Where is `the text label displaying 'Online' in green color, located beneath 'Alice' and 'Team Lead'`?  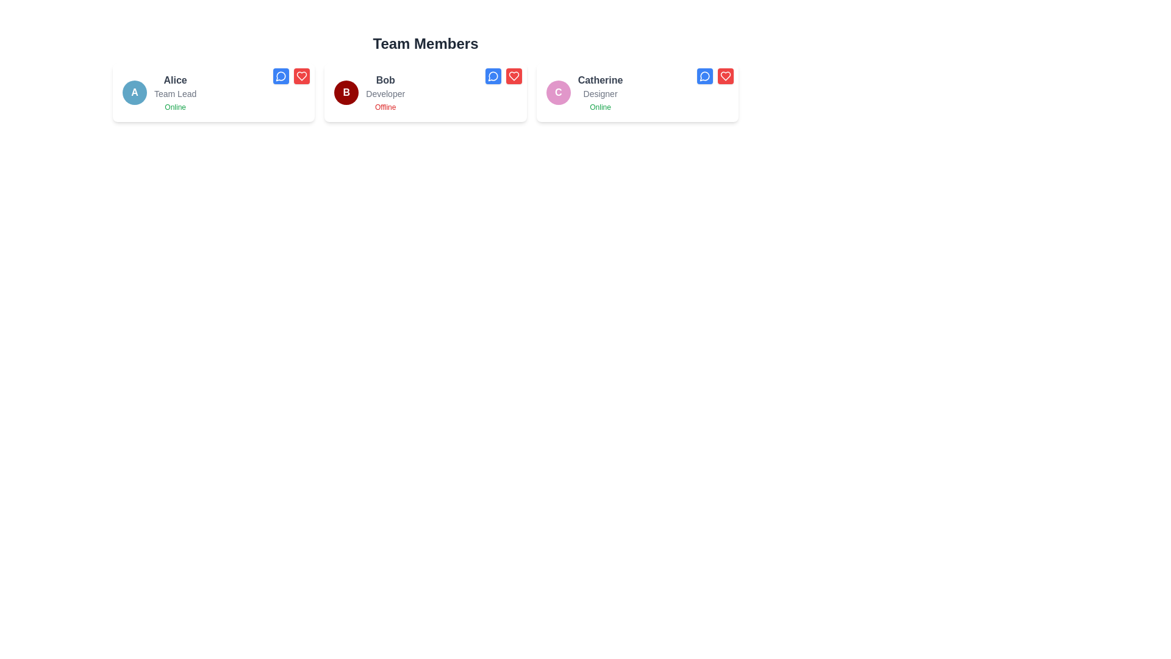
the text label displaying 'Online' in green color, located beneath 'Alice' and 'Team Lead' is located at coordinates (174, 107).